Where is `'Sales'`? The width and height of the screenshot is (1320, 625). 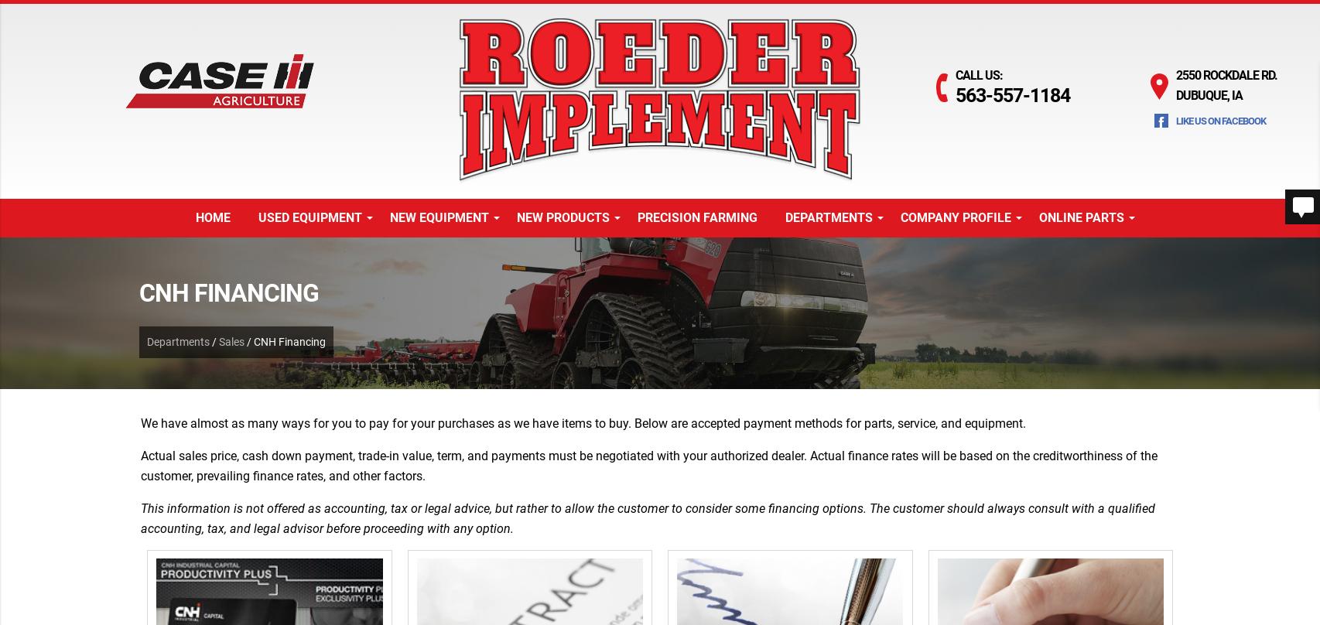 'Sales' is located at coordinates (231, 341).